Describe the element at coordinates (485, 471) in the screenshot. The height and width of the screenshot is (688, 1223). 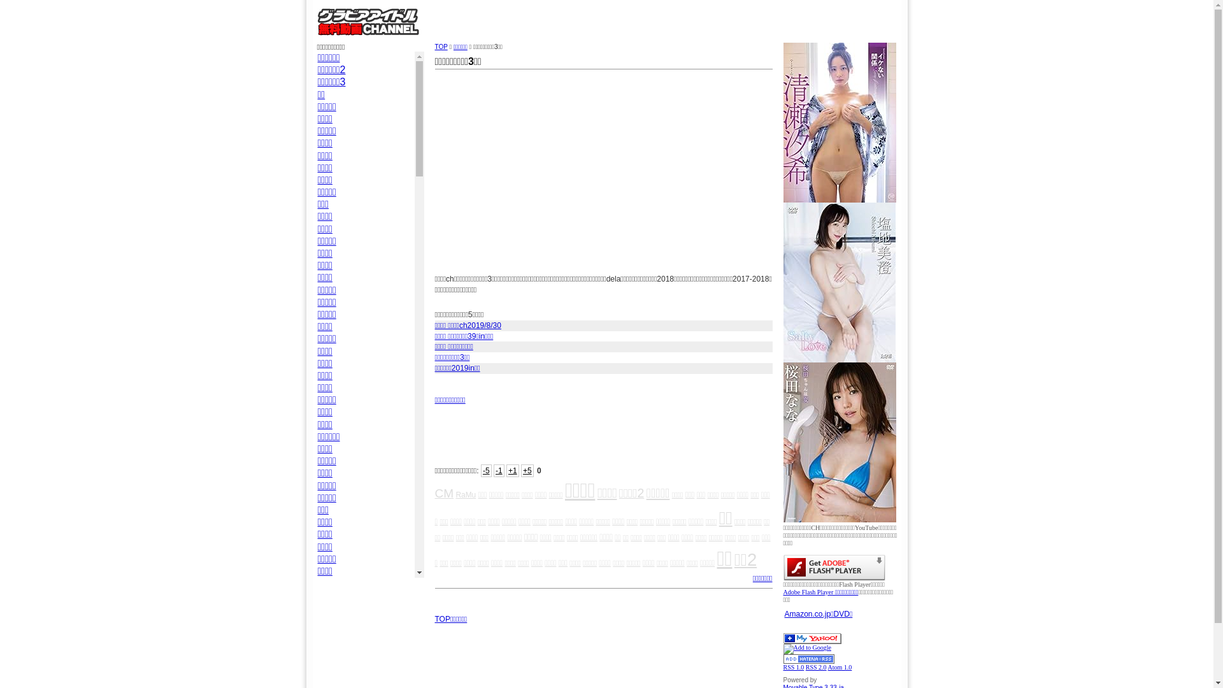
I see `'-5'` at that location.